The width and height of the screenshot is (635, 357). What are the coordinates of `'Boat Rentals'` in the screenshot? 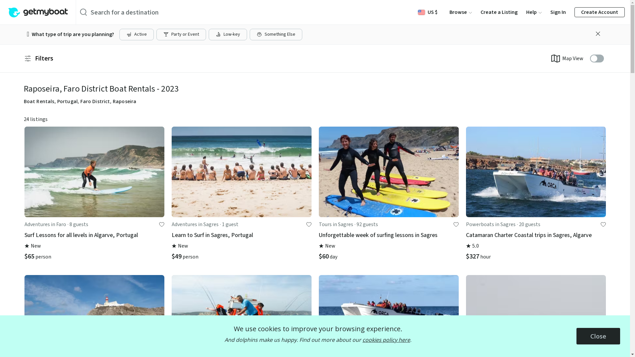 It's located at (39, 101).